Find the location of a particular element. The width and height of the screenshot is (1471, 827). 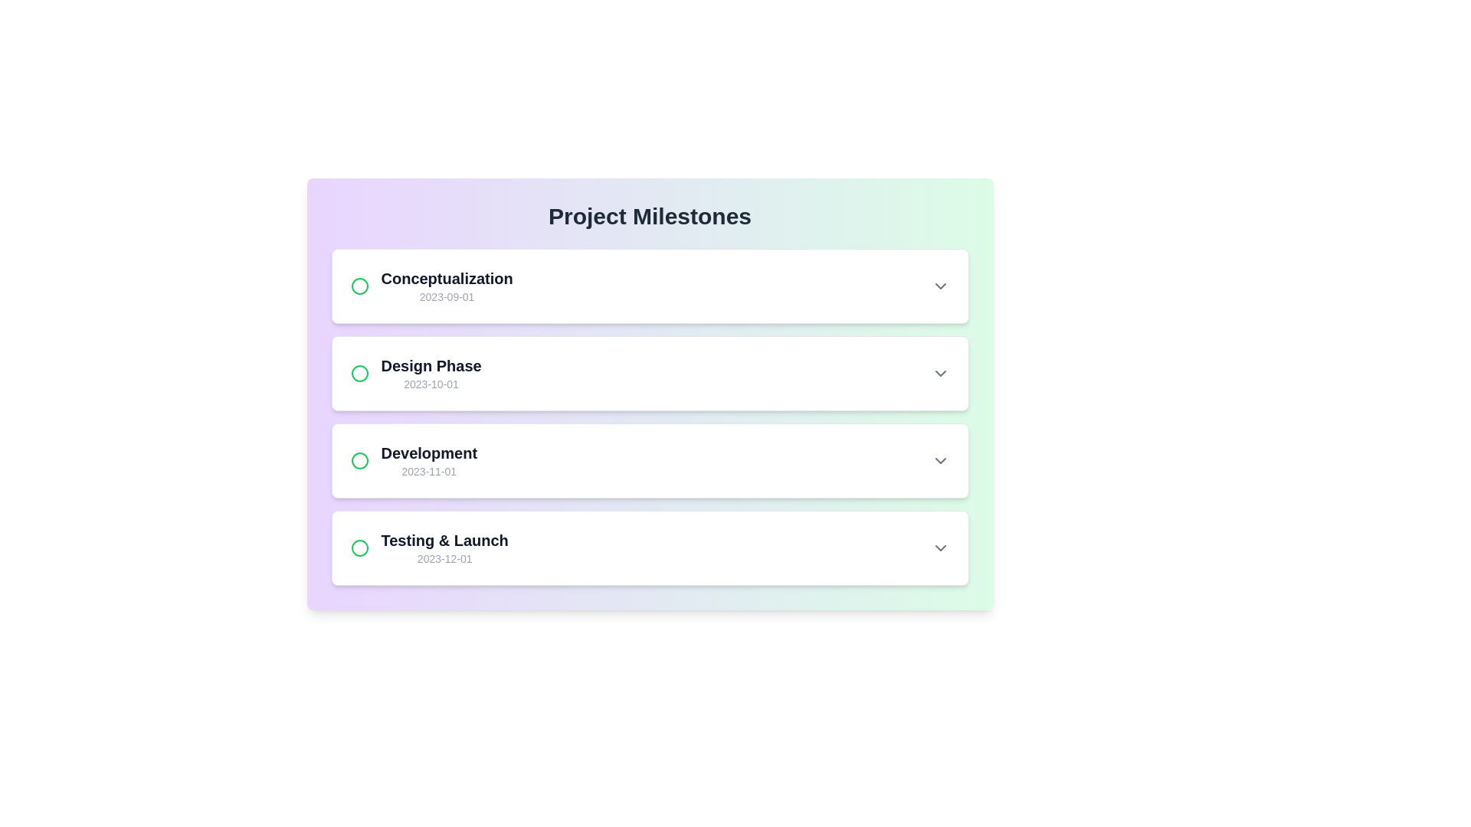

the 'Development' text label in the Project Milestones section, which is the third milestone in the list, displaying the title in bold and the subtitle with the date '2023-11-01' is located at coordinates (429, 459).